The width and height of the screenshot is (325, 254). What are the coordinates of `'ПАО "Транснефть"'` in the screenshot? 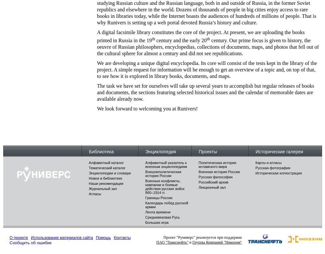 It's located at (172, 242).